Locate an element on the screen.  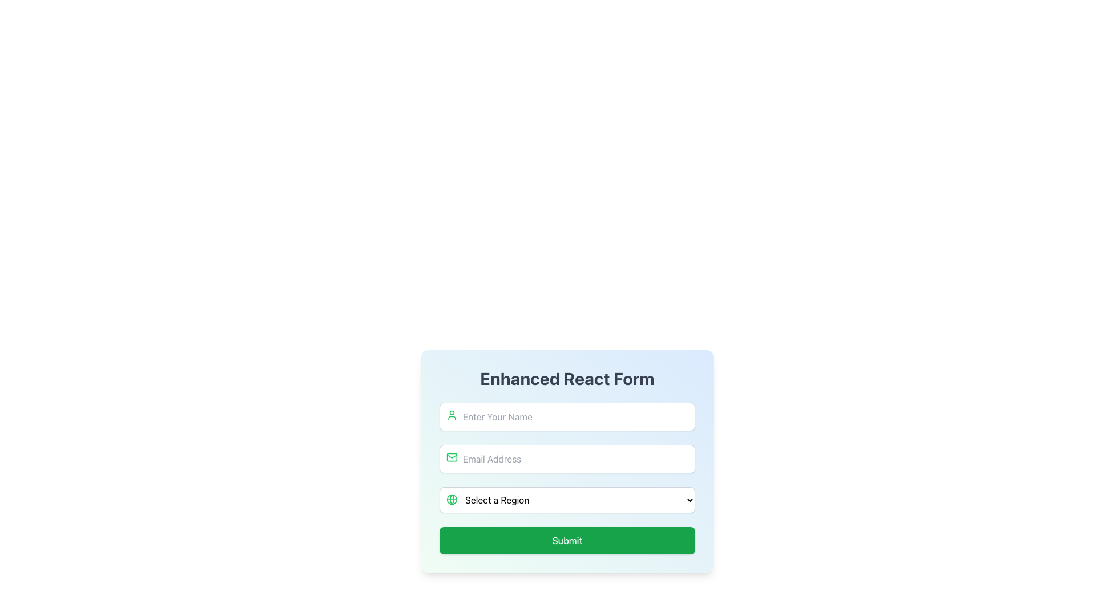
the user silhouette icon, which is a green circular representation located at the top left corner of the text input field labeled 'Enter Your Name' is located at coordinates (452, 415).